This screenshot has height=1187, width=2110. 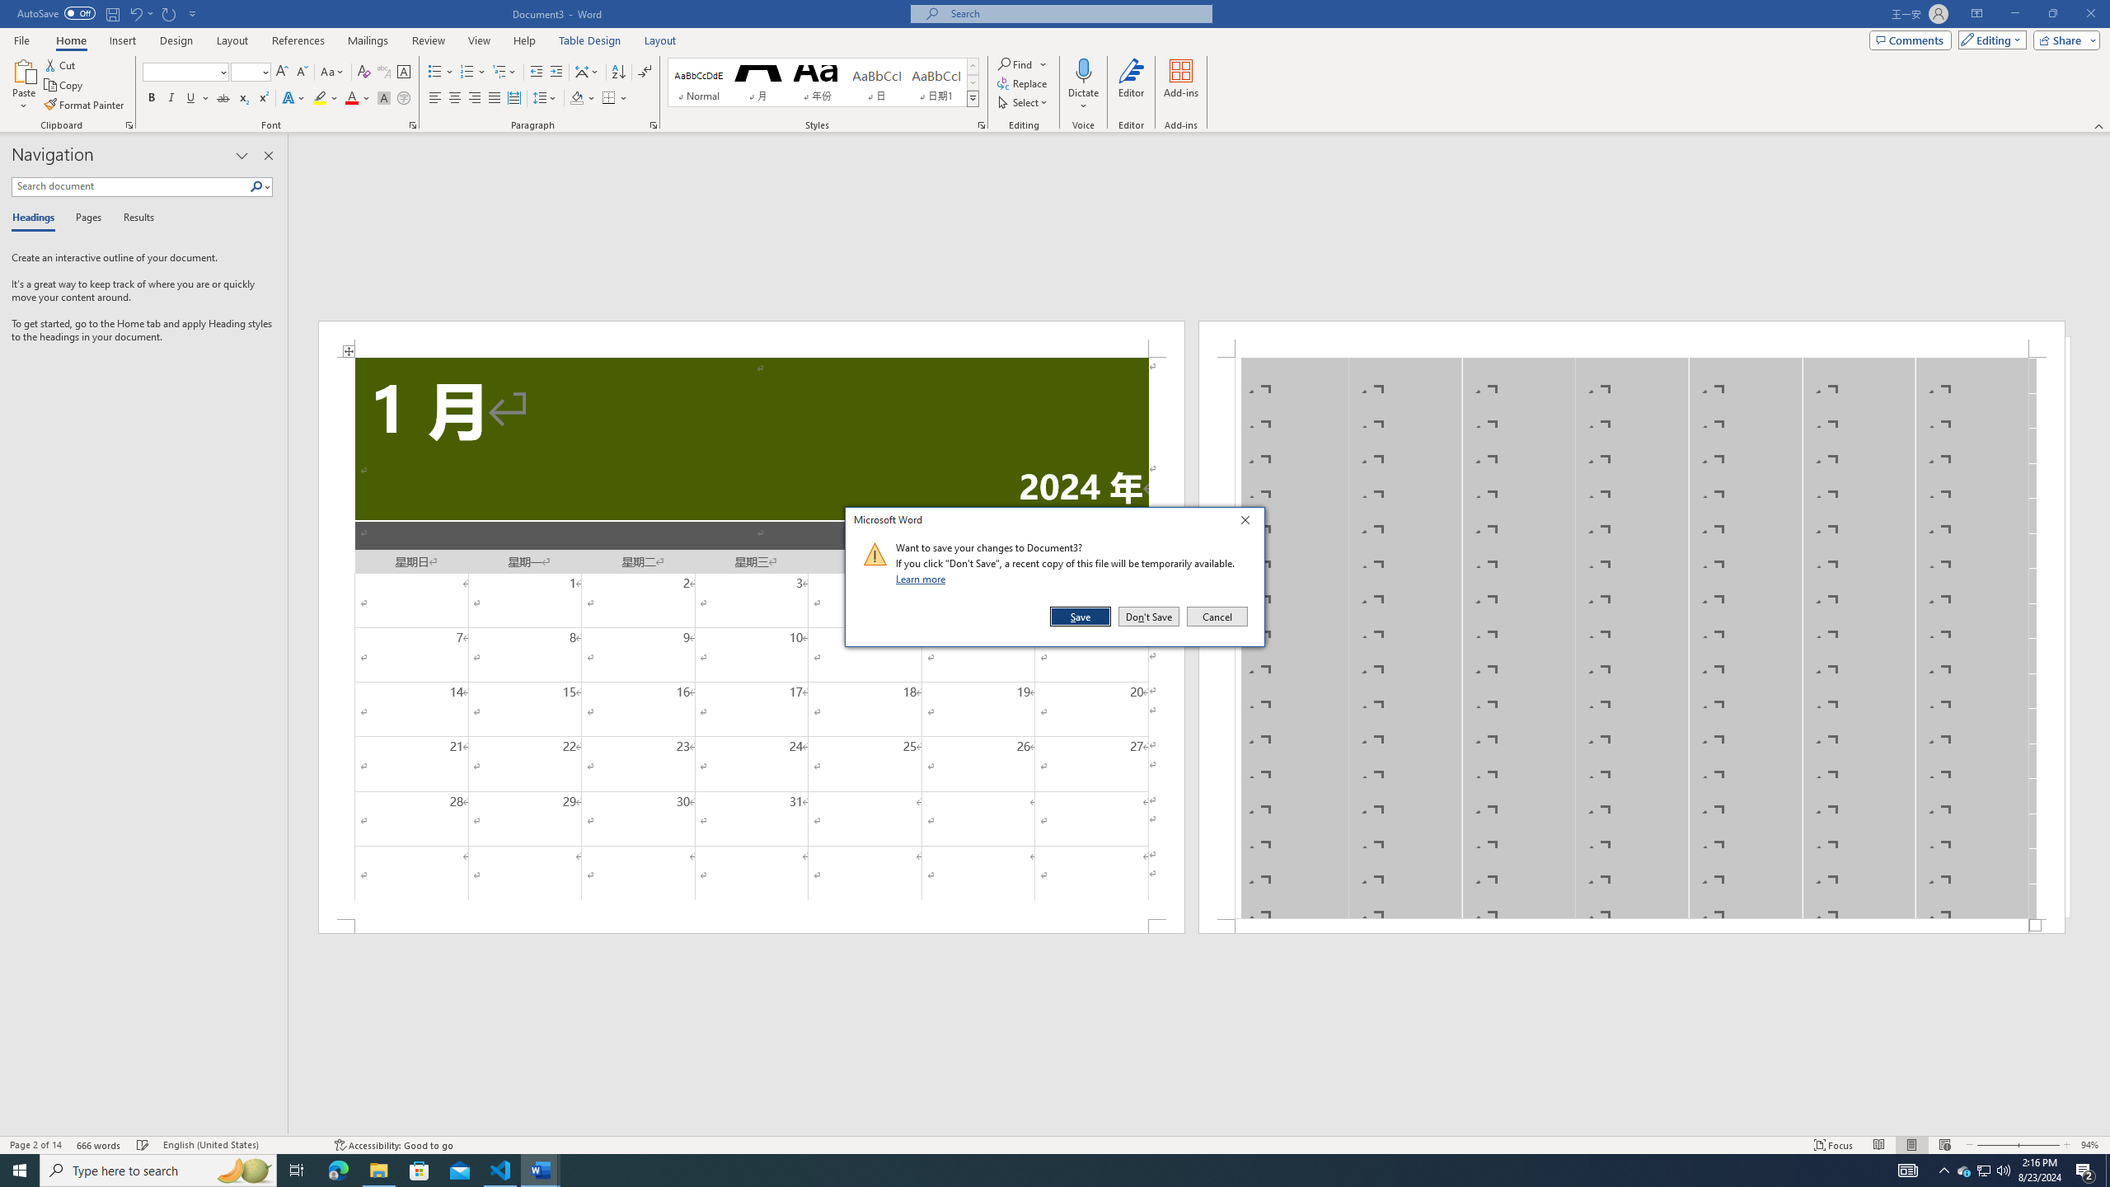 I want to click on 'Design', so click(x=177, y=40).